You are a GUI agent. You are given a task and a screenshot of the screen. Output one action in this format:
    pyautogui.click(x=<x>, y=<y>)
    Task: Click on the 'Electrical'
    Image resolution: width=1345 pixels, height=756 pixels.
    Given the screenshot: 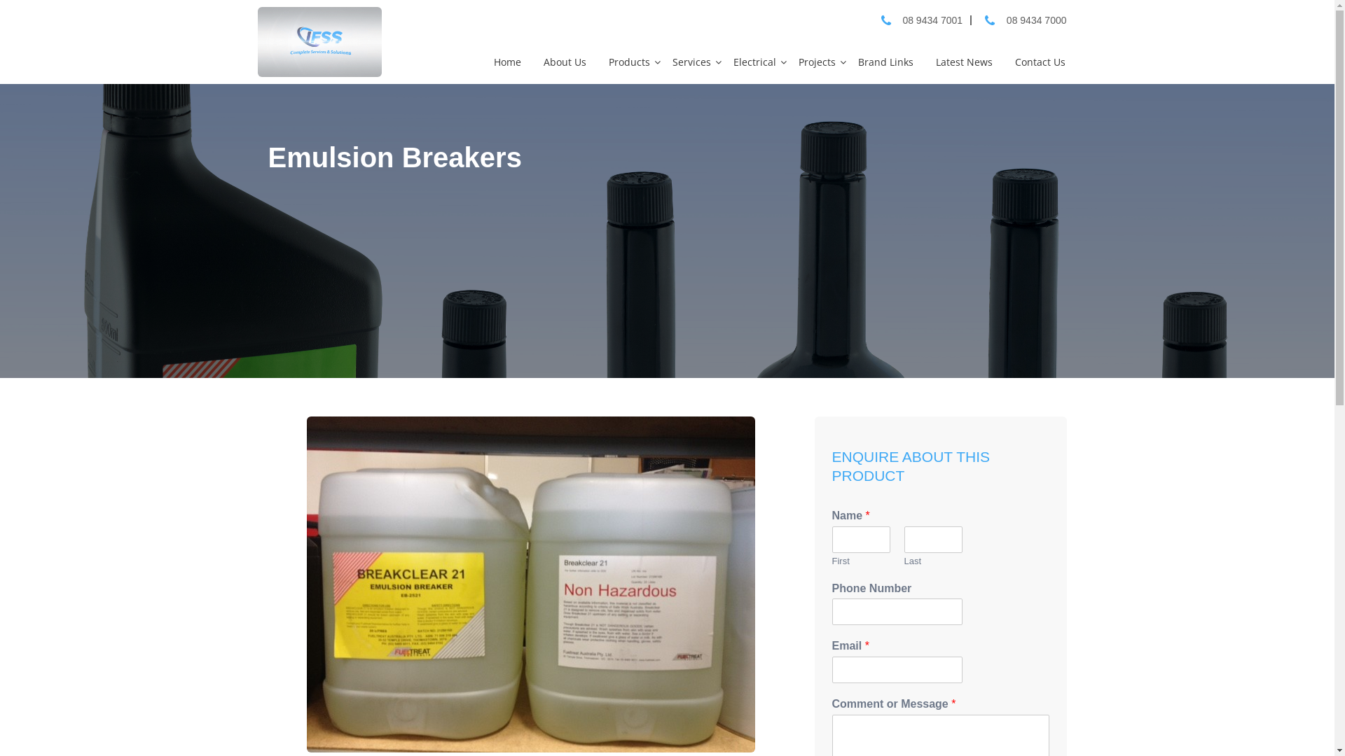 What is the action you would take?
    pyautogui.click(x=754, y=61)
    